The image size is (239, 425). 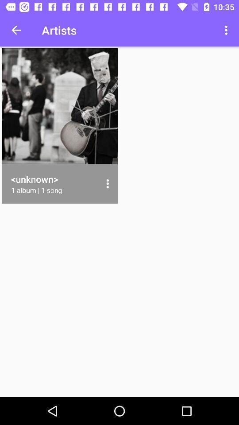 I want to click on icon to the right of the 1 album 1, so click(x=108, y=183).